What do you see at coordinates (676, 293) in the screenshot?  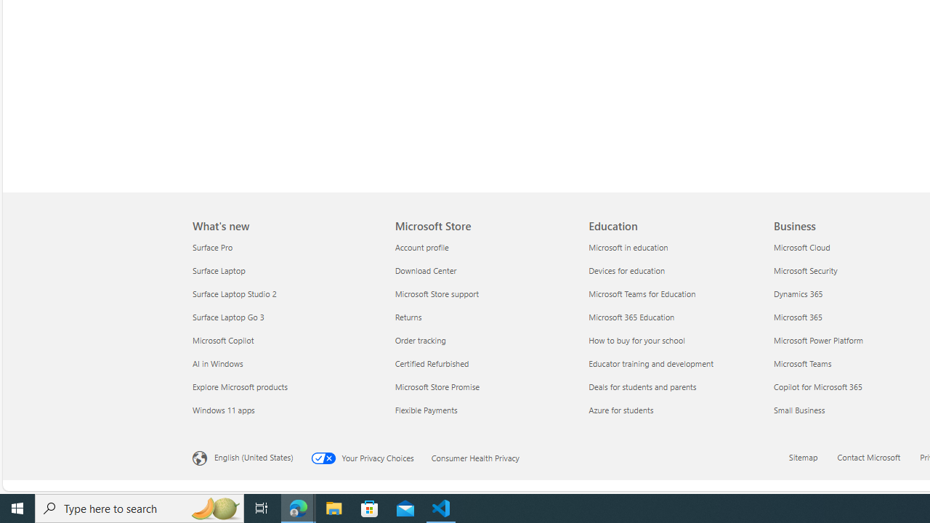 I see `'Microsoft Teams for Education'` at bounding box center [676, 293].